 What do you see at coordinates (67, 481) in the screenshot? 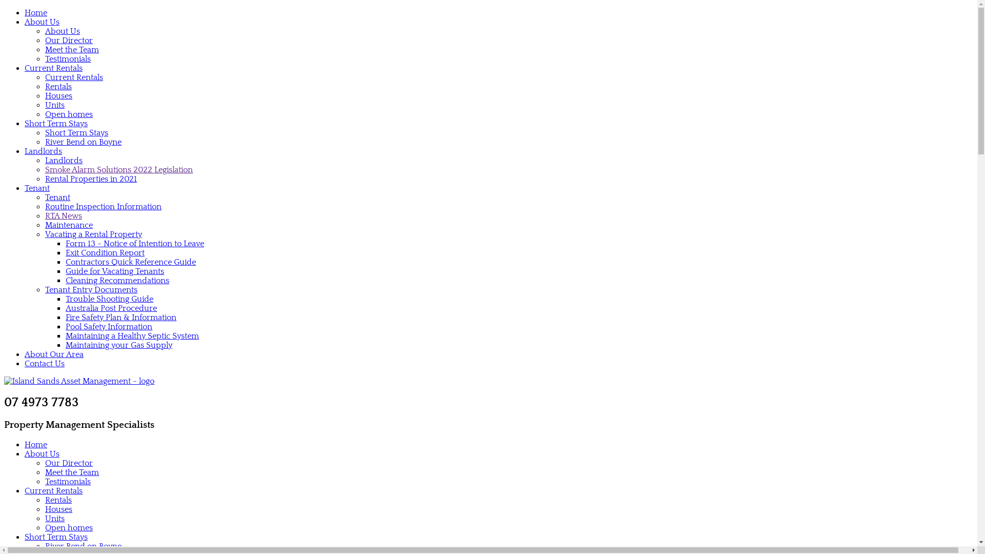
I see `'Testimonials'` at bounding box center [67, 481].